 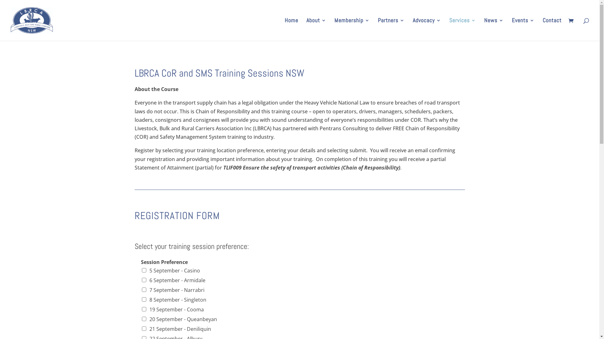 I want to click on 'About', so click(x=316, y=29).